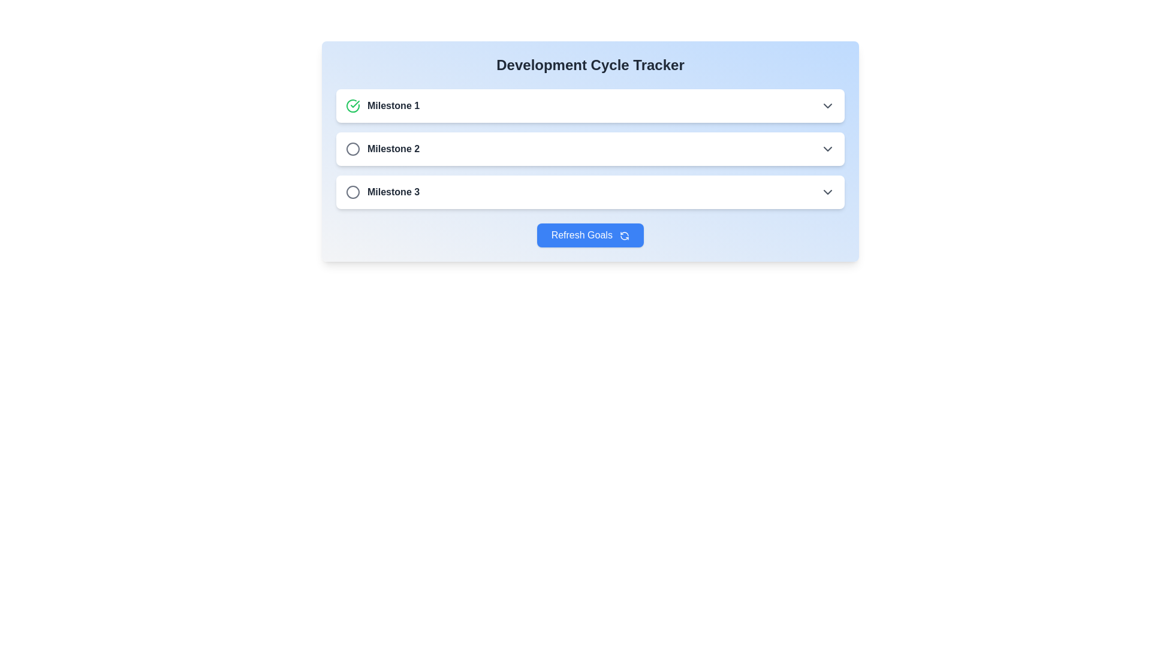 This screenshot has height=647, width=1151. Describe the element at coordinates (352, 149) in the screenshot. I see `the circular icon with a gray border located at the left end of the 'Milestone 2' row in the vertical list` at that location.